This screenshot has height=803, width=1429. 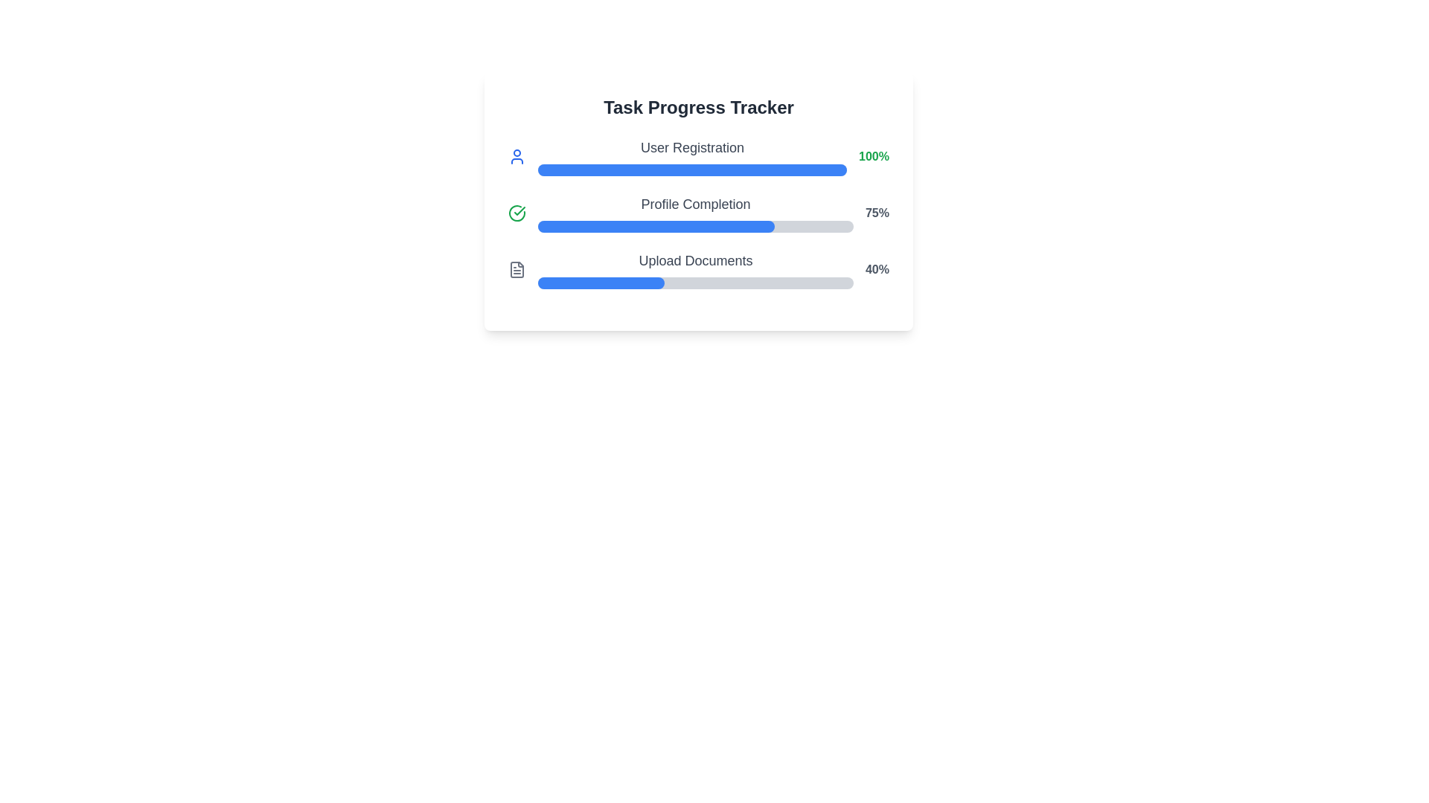 What do you see at coordinates (691, 157) in the screenshot?
I see `the 'User Registration' Descriptive Text and Progress Indicator element, which is located centrally in a card layout, under the heading 'Task Progress Tracker' and above other progress bars` at bounding box center [691, 157].